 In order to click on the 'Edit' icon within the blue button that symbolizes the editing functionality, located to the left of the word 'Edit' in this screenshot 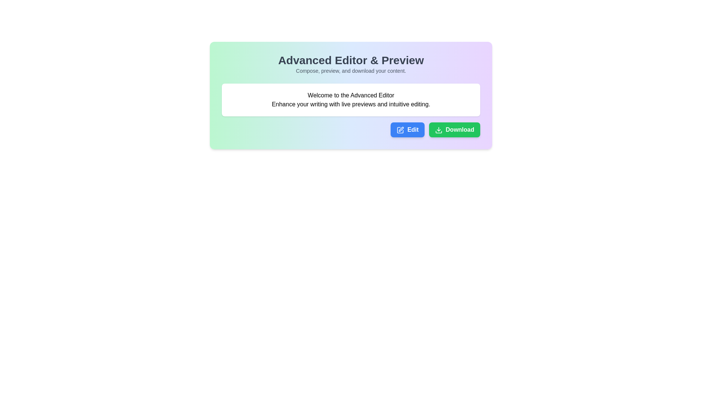, I will do `click(400, 129)`.